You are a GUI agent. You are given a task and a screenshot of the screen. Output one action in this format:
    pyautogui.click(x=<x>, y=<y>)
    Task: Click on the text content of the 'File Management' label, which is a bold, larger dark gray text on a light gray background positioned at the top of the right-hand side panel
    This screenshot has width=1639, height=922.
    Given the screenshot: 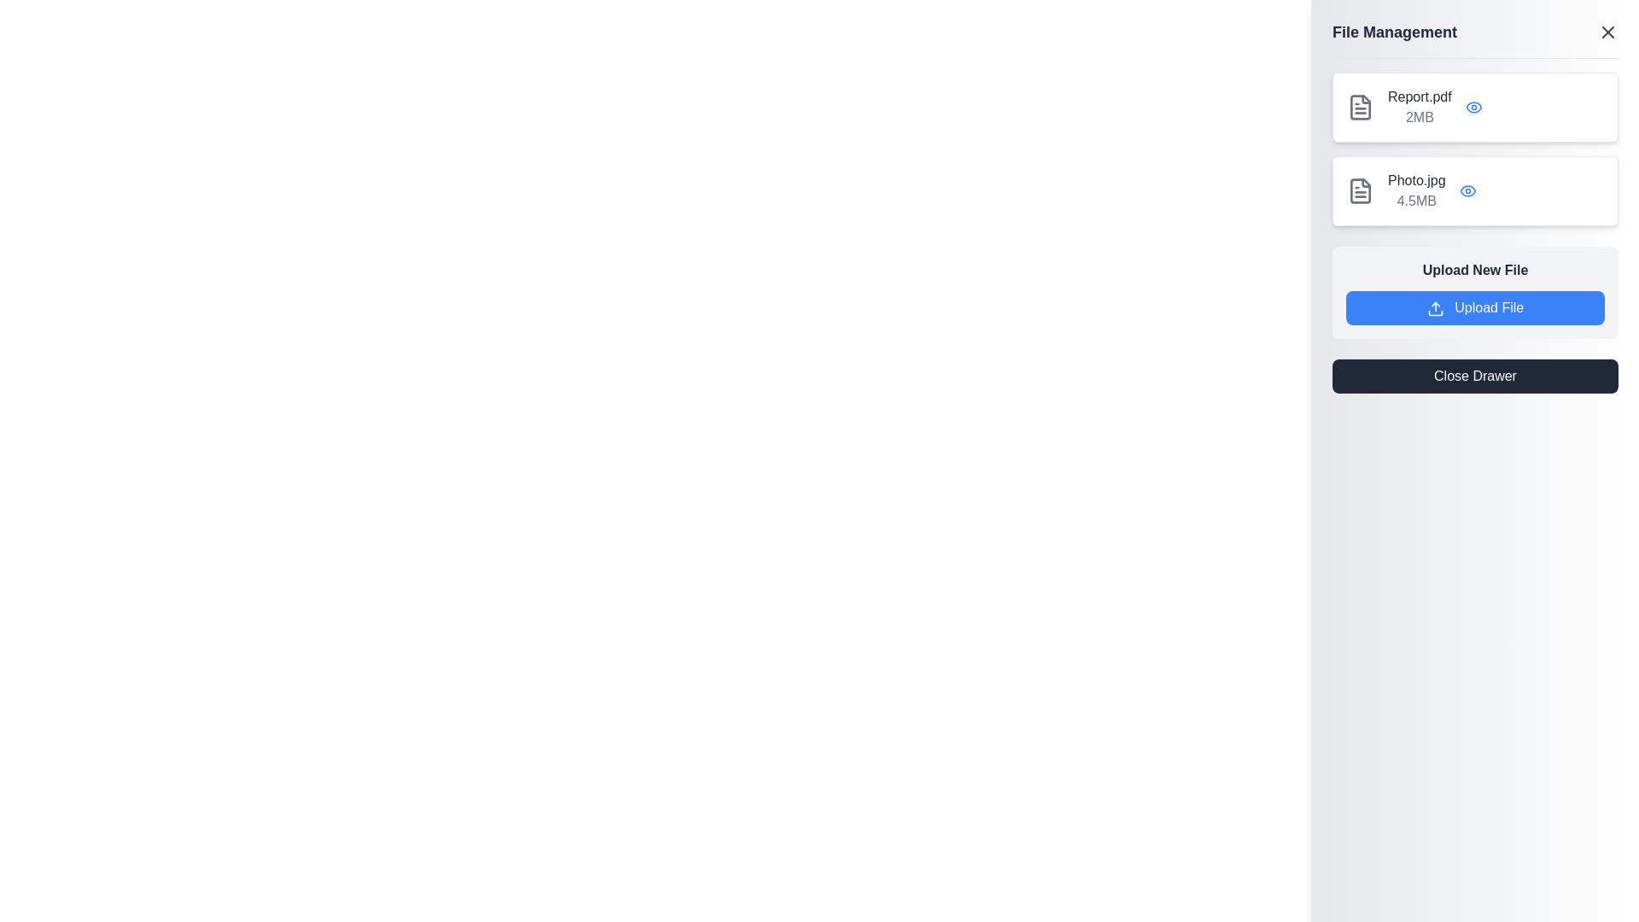 What is the action you would take?
    pyautogui.click(x=1395, y=32)
    